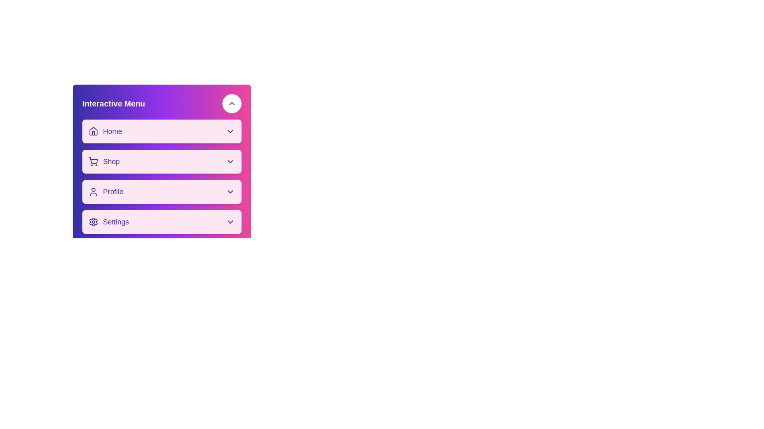 This screenshot has width=764, height=429. Describe the element at coordinates (231, 103) in the screenshot. I see `the circular button located at the top-right corner of the 'Interactive Menu' section` at that location.